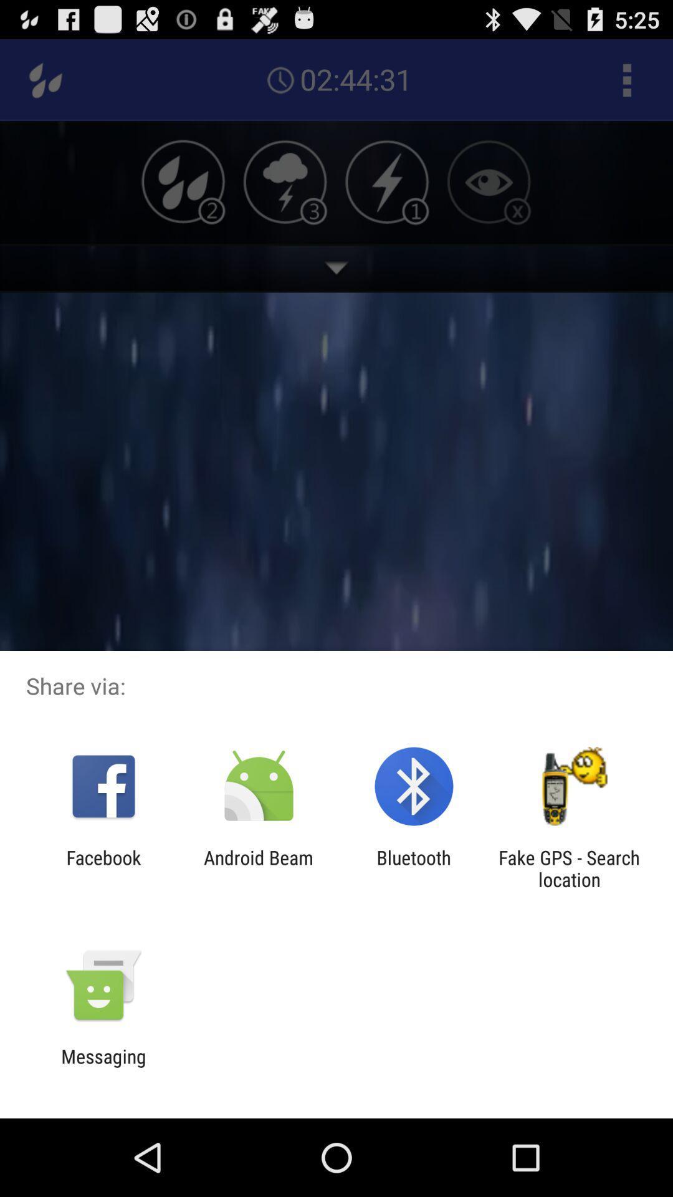  What do you see at coordinates (414, 868) in the screenshot?
I see `the app to the left of fake gps search item` at bounding box center [414, 868].